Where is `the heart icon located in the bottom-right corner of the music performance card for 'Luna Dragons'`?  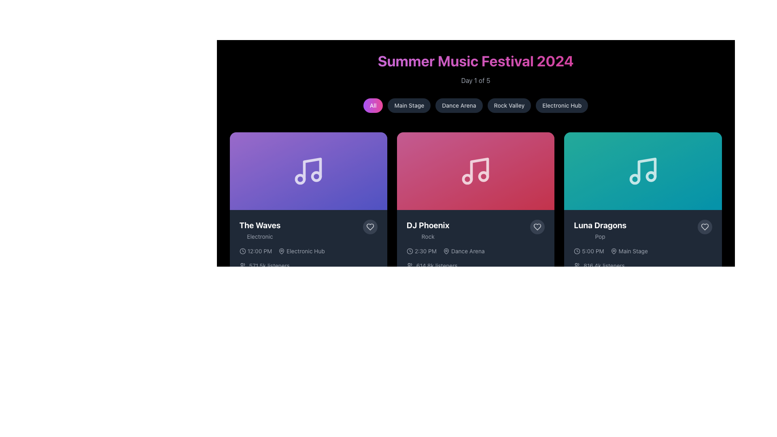 the heart icon located in the bottom-right corner of the music performance card for 'Luna Dragons' is located at coordinates (704, 227).